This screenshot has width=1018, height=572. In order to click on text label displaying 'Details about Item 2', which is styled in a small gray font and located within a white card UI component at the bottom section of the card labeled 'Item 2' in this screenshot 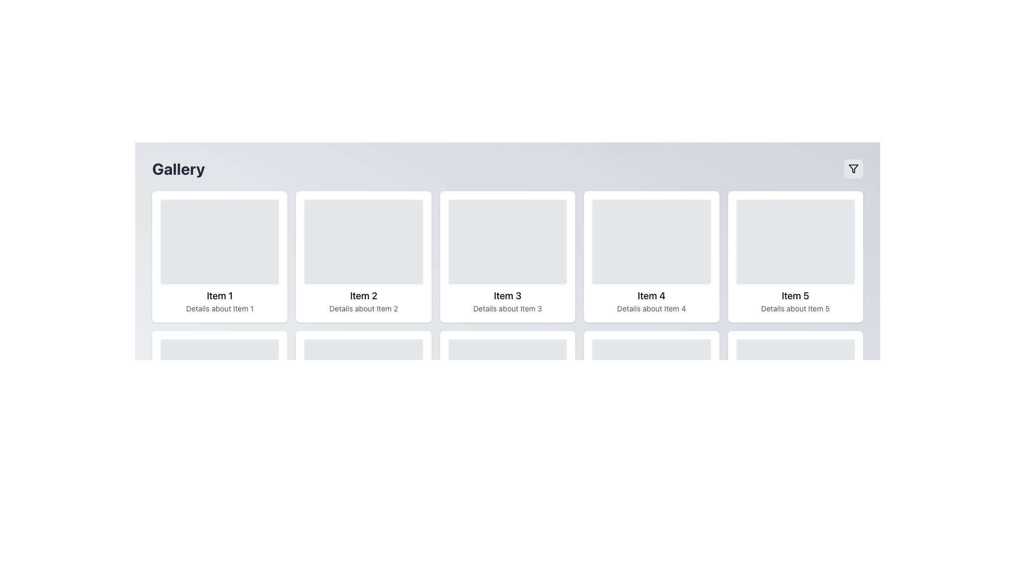, I will do `click(364, 308)`.